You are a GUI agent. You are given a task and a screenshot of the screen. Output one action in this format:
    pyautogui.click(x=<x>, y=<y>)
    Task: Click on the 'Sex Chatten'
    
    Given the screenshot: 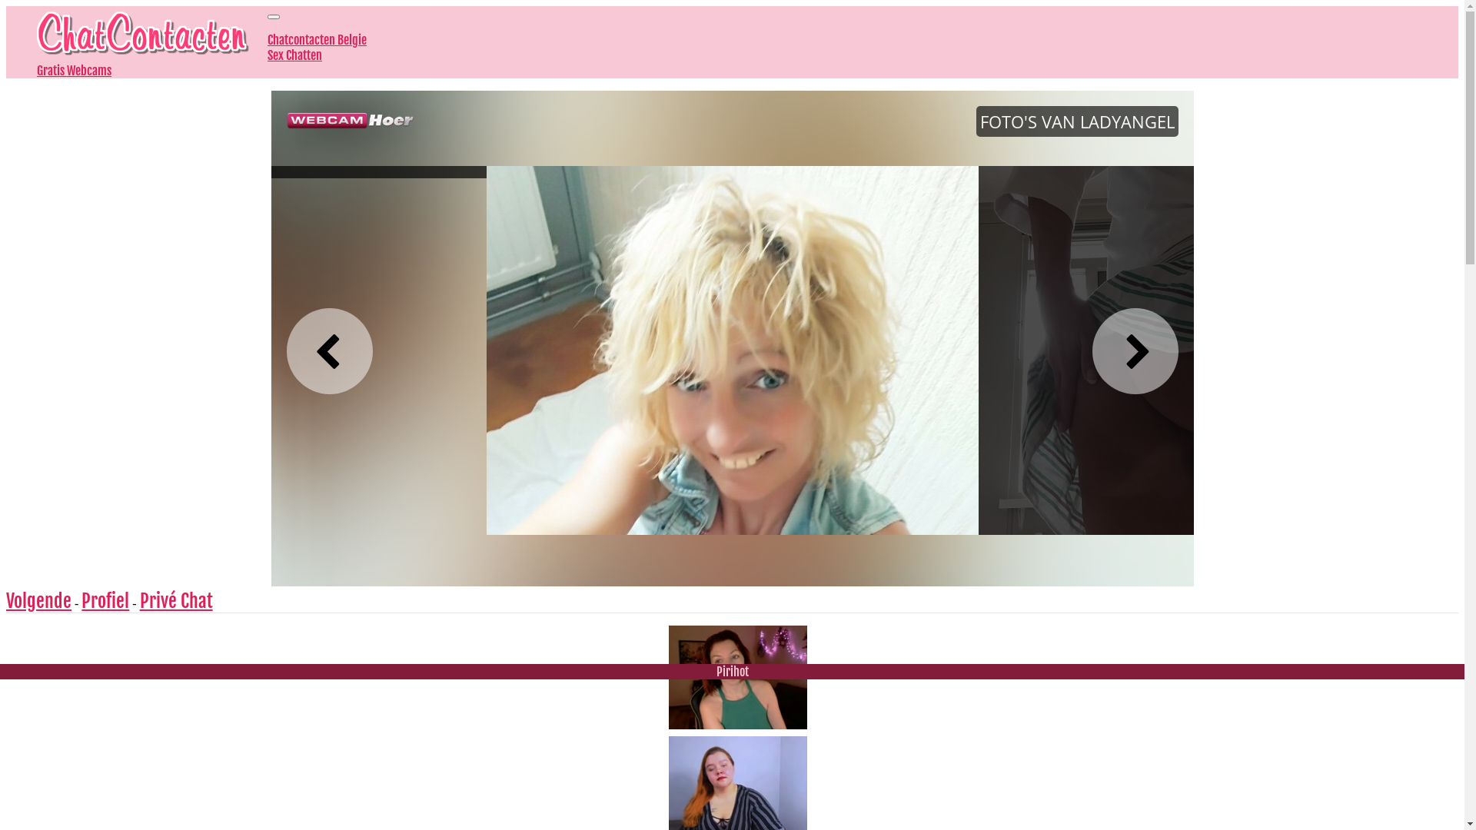 What is the action you would take?
    pyautogui.click(x=267, y=55)
    